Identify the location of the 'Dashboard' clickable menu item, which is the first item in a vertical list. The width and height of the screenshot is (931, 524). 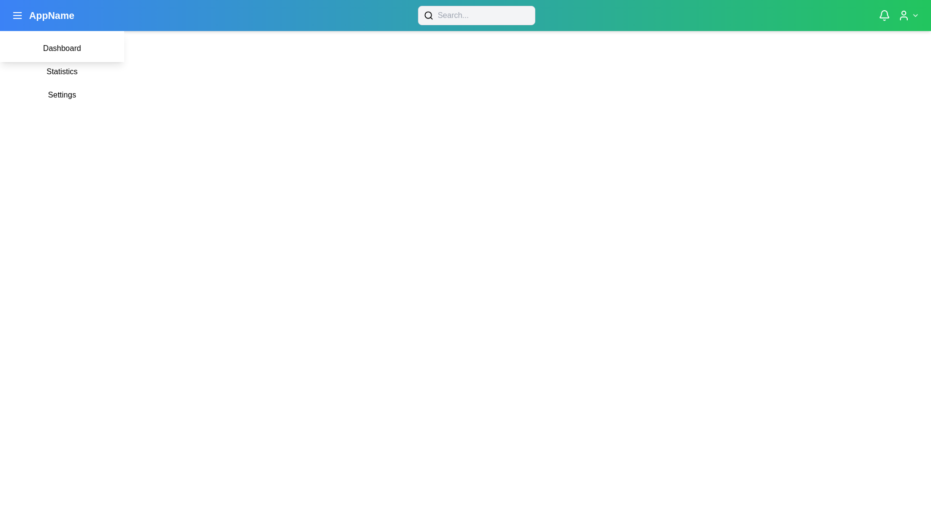
(62, 49).